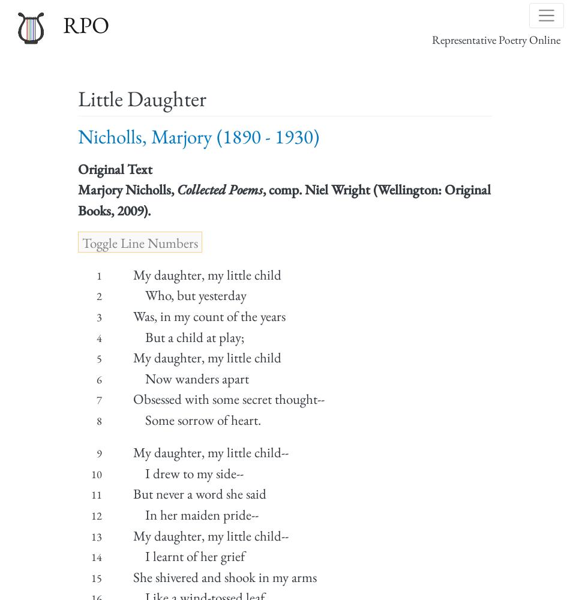  I want to click on 'But never a word she said', so click(132, 493).